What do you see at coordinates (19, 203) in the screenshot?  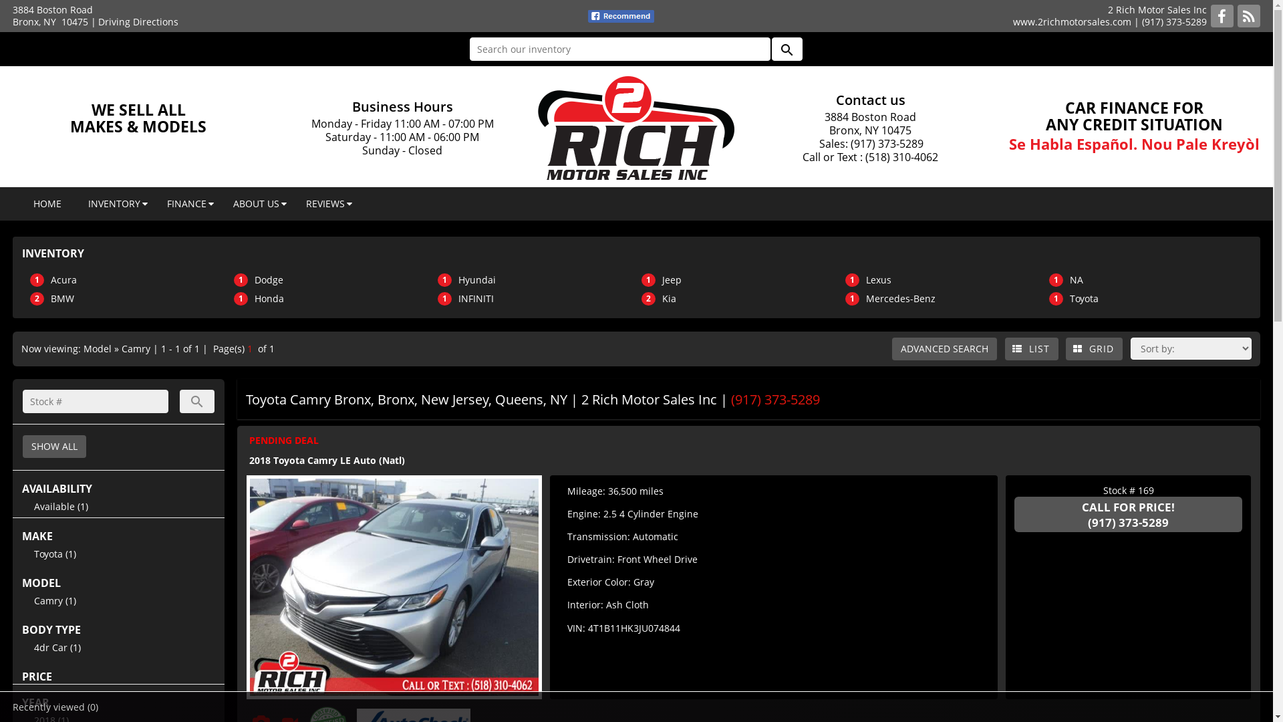 I see `'HOME'` at bounding box center [19, 203].